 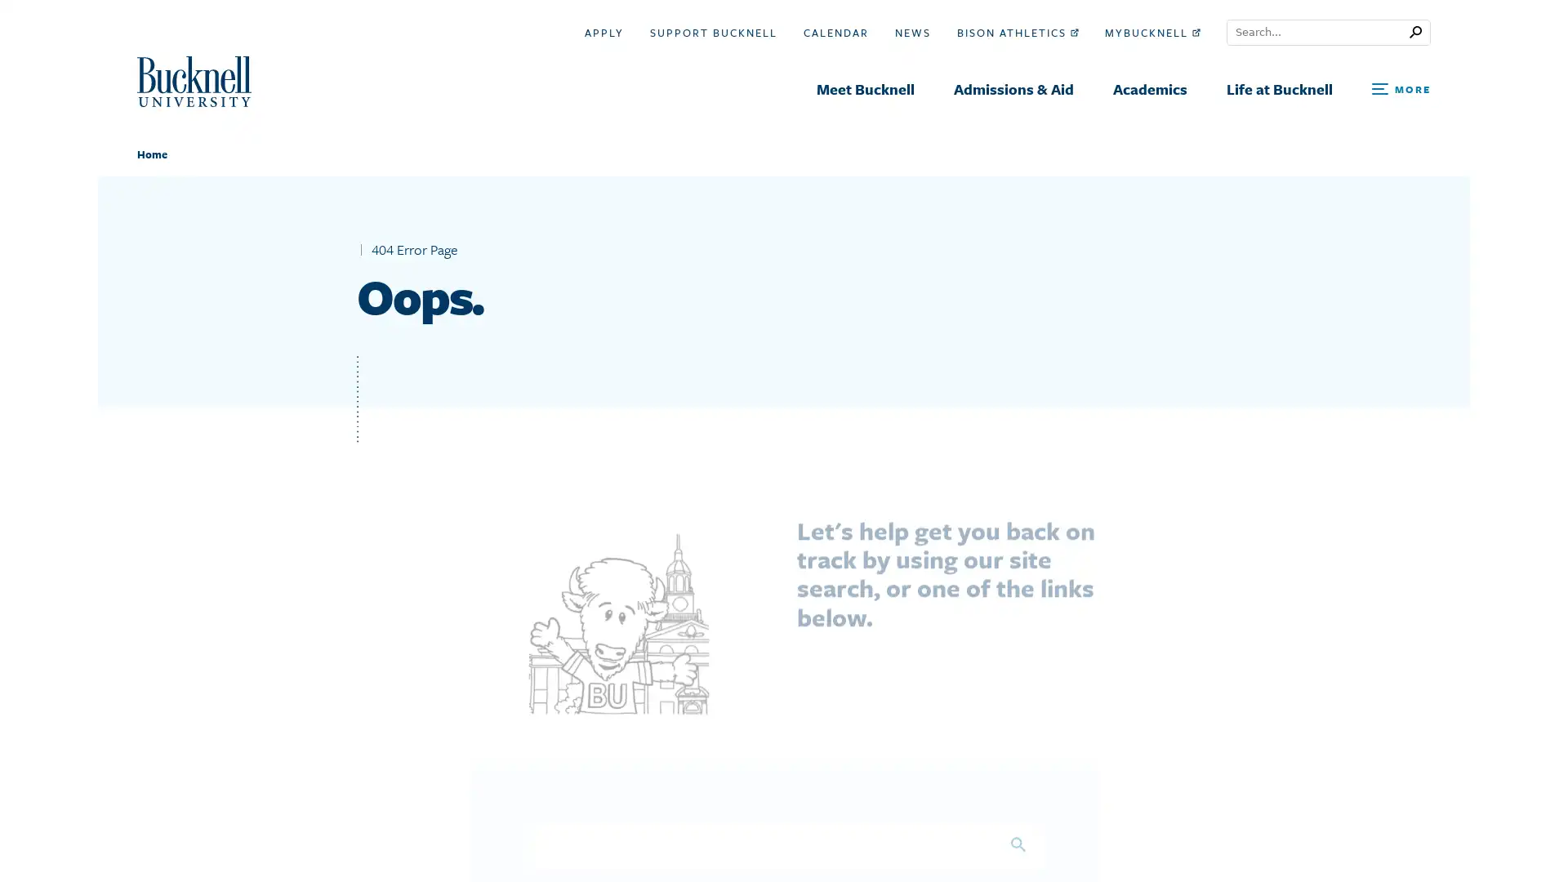 I want to click on Submit, so click(x=1419, y=32).